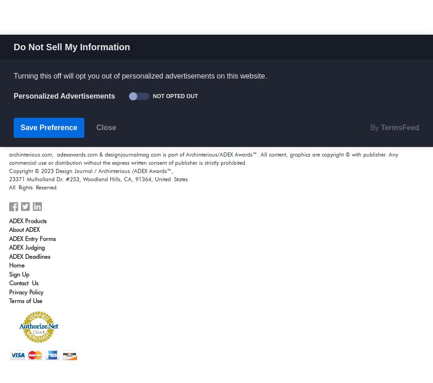 This screenshot has width=433, height=383. What do you see at coordinates (14, 96) in the screenshot?
I see `'Personalized Advertisements'` at bounding box center [14, 96].